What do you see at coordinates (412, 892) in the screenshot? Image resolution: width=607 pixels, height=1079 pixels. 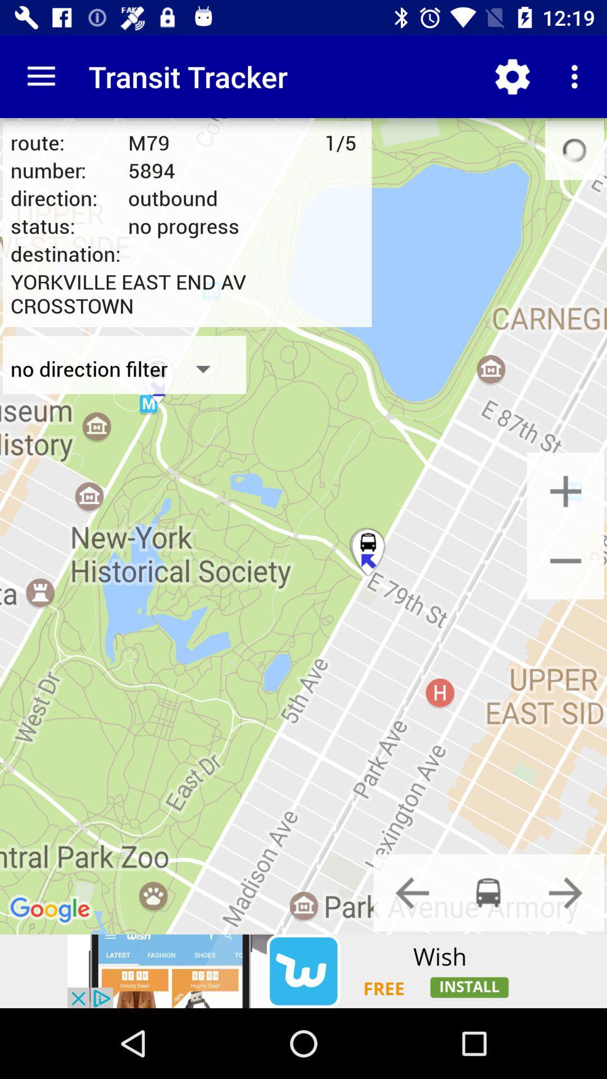 I see `the arrow_backward icon` at bounding box center [412, 892].